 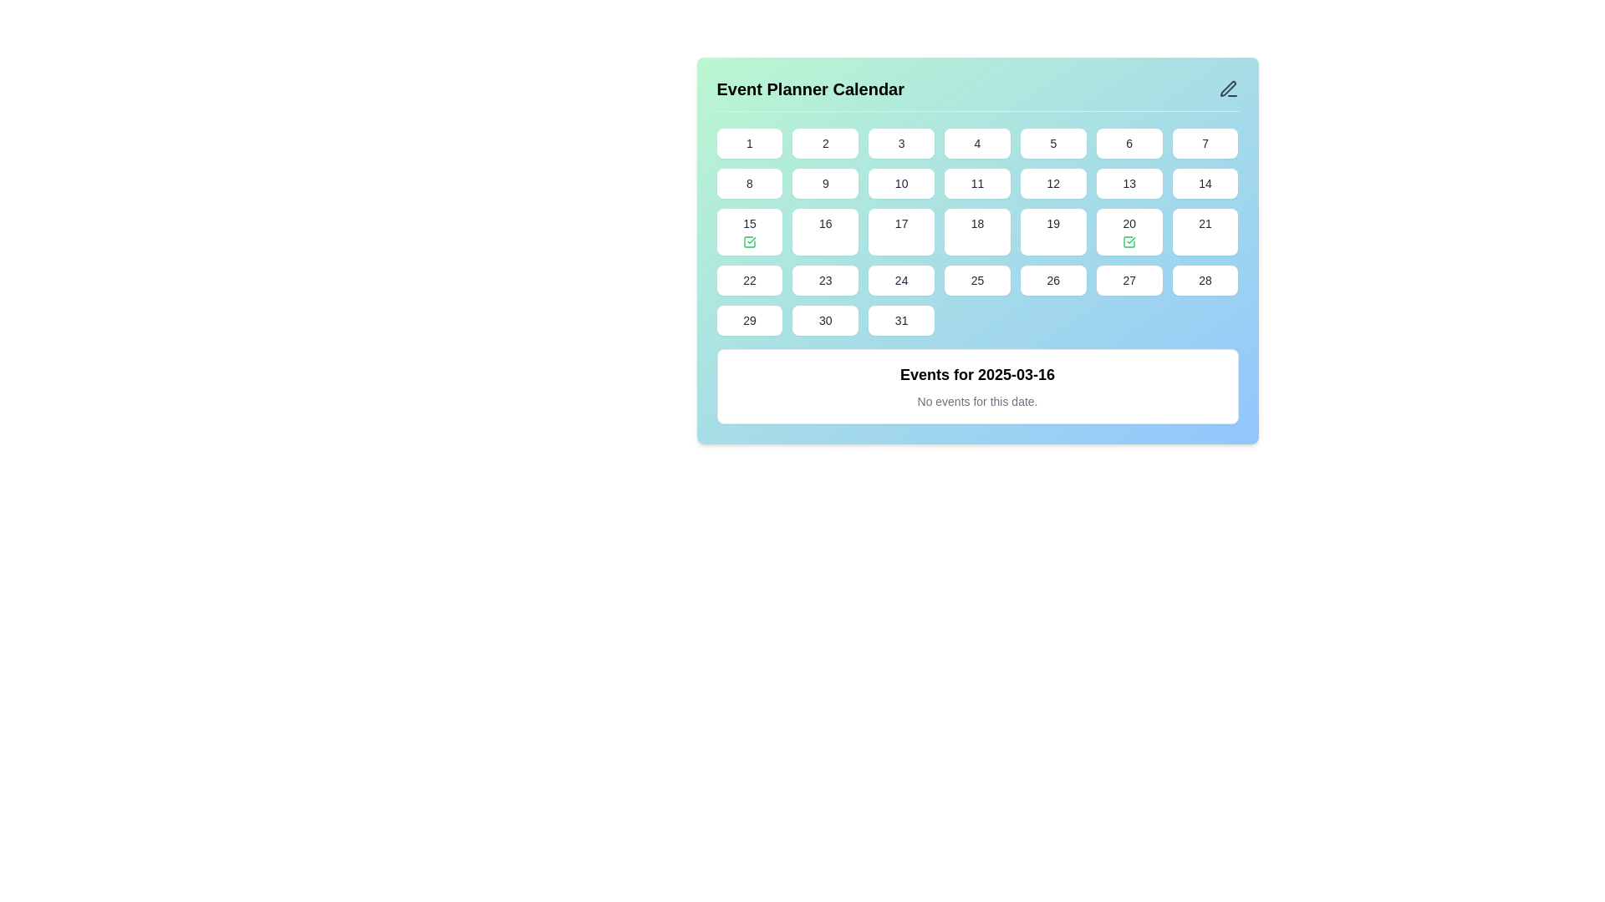 I want to click on the calendar button representing date 4, which is the fourth button in the first row of the grid layout in the calendar interface, so click(x=977, y=143).